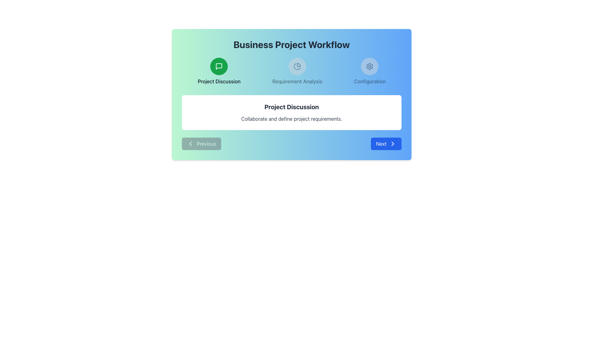 Image resolution: width=599 pixels, height=337 pixels. I want to click on the 'Next' button located in the bottom-right corner of the panel, so click(386, 144).